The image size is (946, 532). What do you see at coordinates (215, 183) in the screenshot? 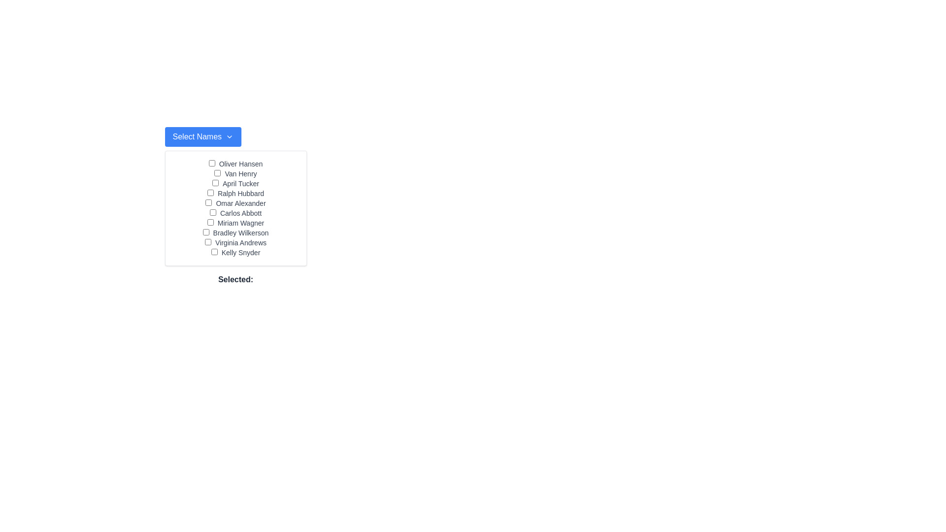
I see `the checkbox adjacent to the text label 'April Tucker'` at bounding box center [215, 183].